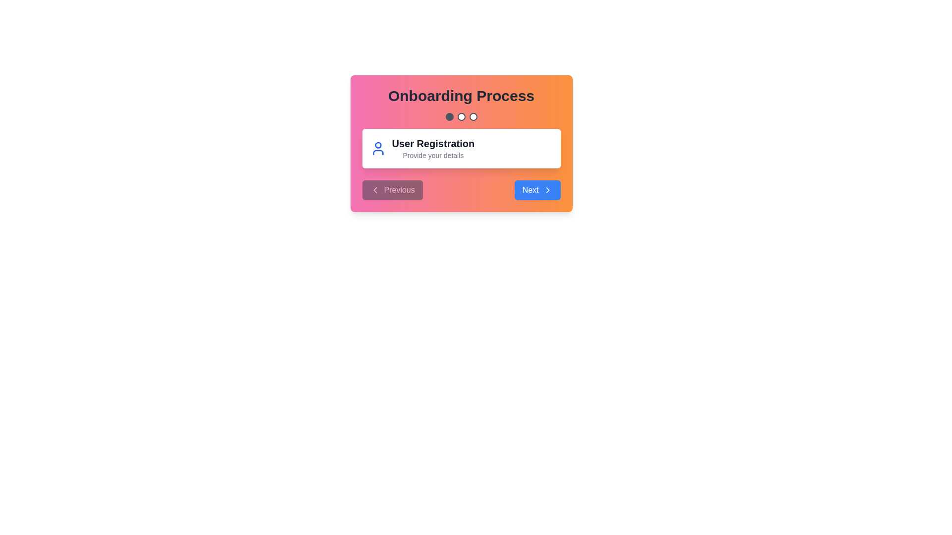 Image resolution: width=952 pixels, height=535 pixels. What do you see at coordinates (377, 149) in the screenshot?
I see `the user icon located to the left of the 'User Registration' and 'Provide your details' text elements within the user registration section` at bounding box center [377, 149].